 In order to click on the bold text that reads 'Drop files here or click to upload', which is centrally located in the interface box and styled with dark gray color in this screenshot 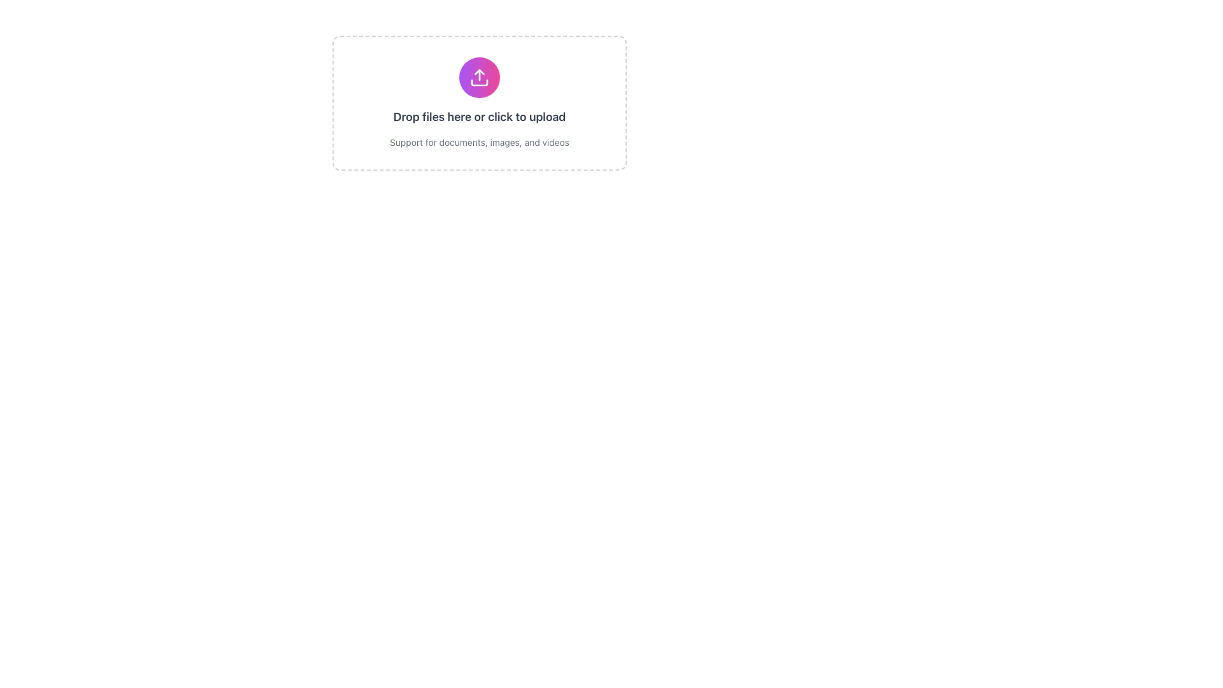, I will do `click(479, 117)`.